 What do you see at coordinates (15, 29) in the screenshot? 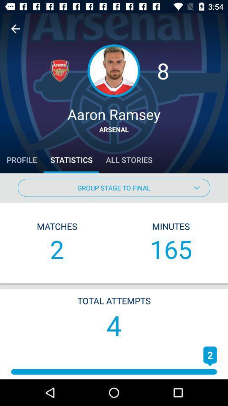
I see `back to previous menu` at bounding box center [15, 29].